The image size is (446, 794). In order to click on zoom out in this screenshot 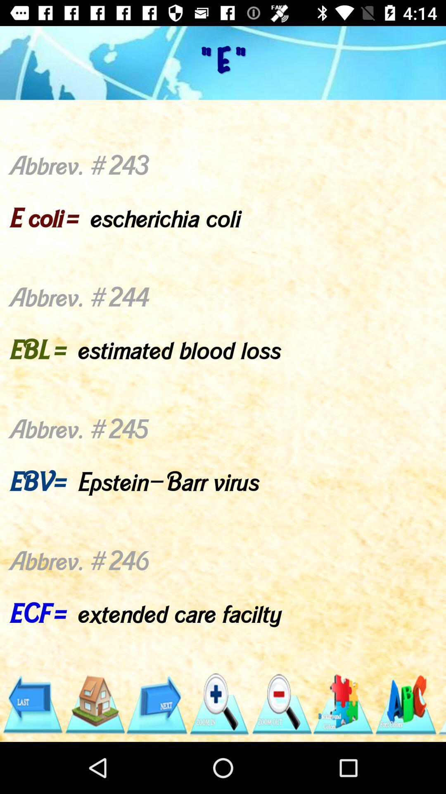, I will do `click(281, 704)`.